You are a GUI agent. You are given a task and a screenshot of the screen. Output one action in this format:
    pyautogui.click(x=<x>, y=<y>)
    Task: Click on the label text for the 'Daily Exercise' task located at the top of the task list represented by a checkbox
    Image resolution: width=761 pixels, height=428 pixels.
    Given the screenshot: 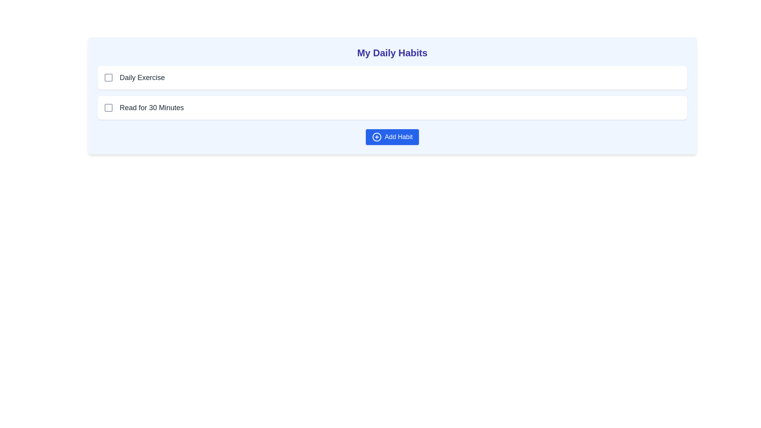 What is the action you would take?
    pyautogui.click(x=134, y=78)
    